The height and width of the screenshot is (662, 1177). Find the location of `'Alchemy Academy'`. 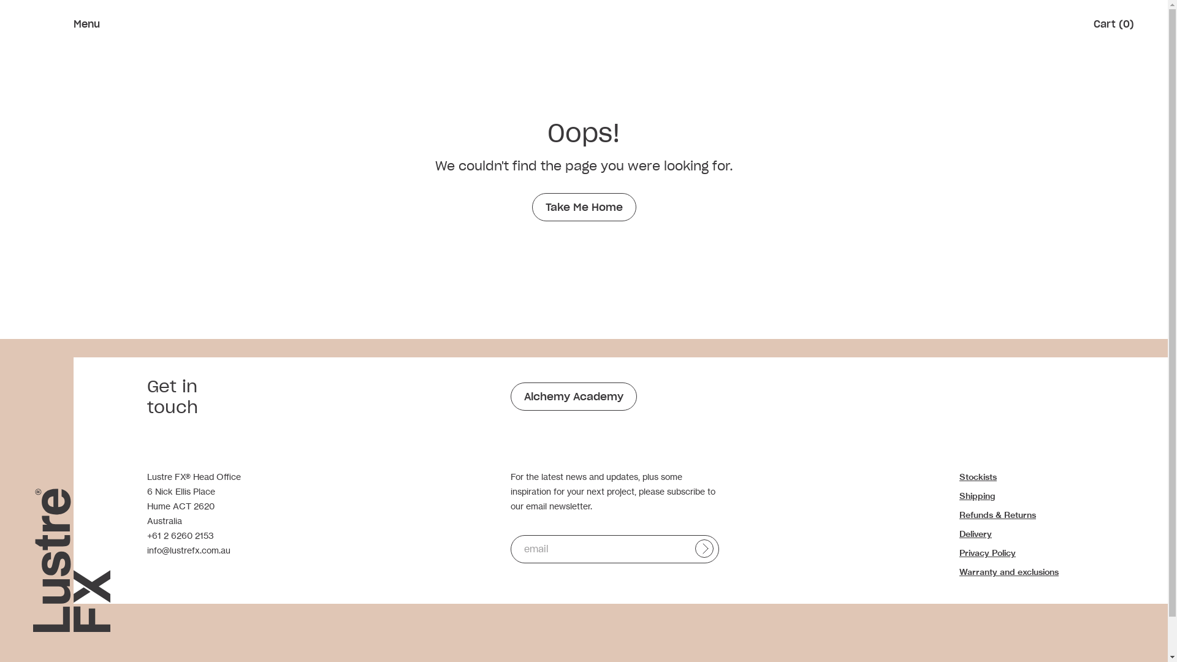

'Alchemy Academy' is located at coordinates (573, 397).